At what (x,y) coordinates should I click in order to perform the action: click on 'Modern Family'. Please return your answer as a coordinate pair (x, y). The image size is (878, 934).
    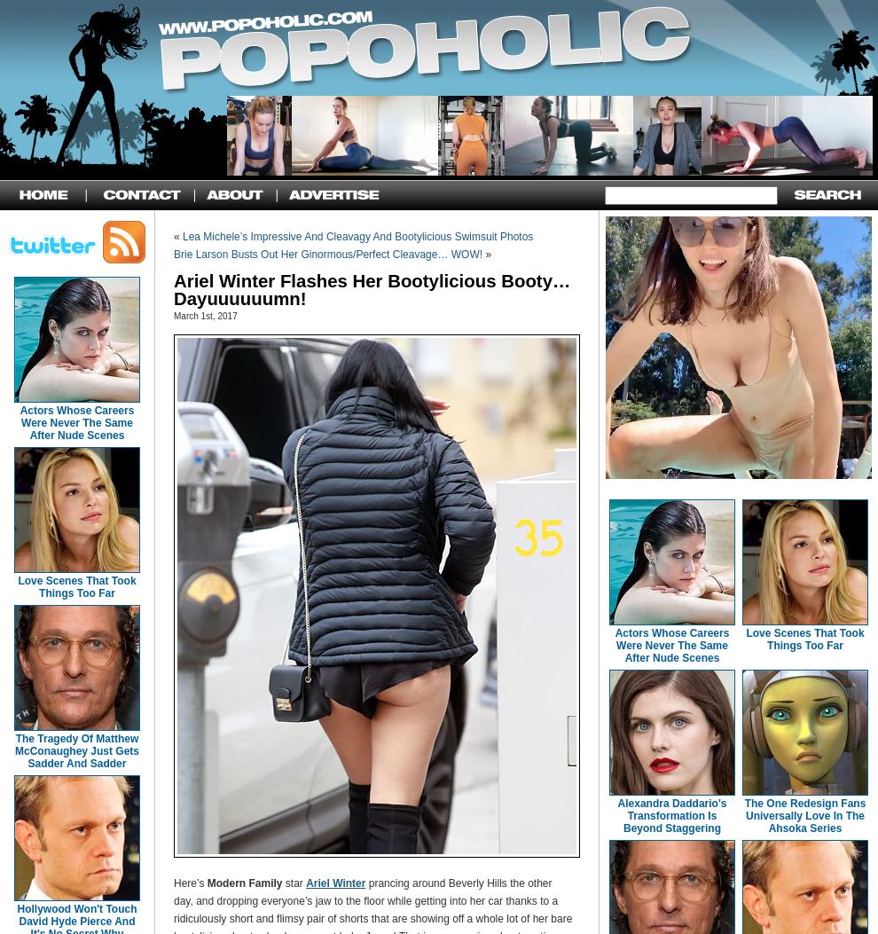
    Looking at the image, I should click on (244, 883).